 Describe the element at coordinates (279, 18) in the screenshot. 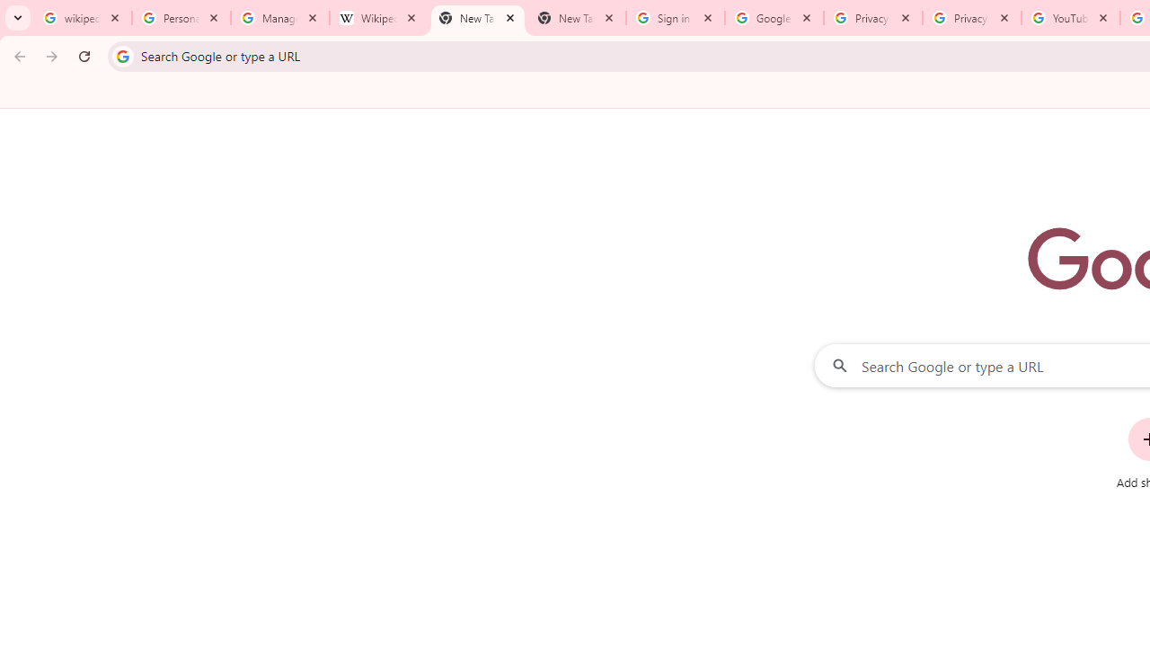

I see `'Manage your Location History - Google Search Help'` at that location.